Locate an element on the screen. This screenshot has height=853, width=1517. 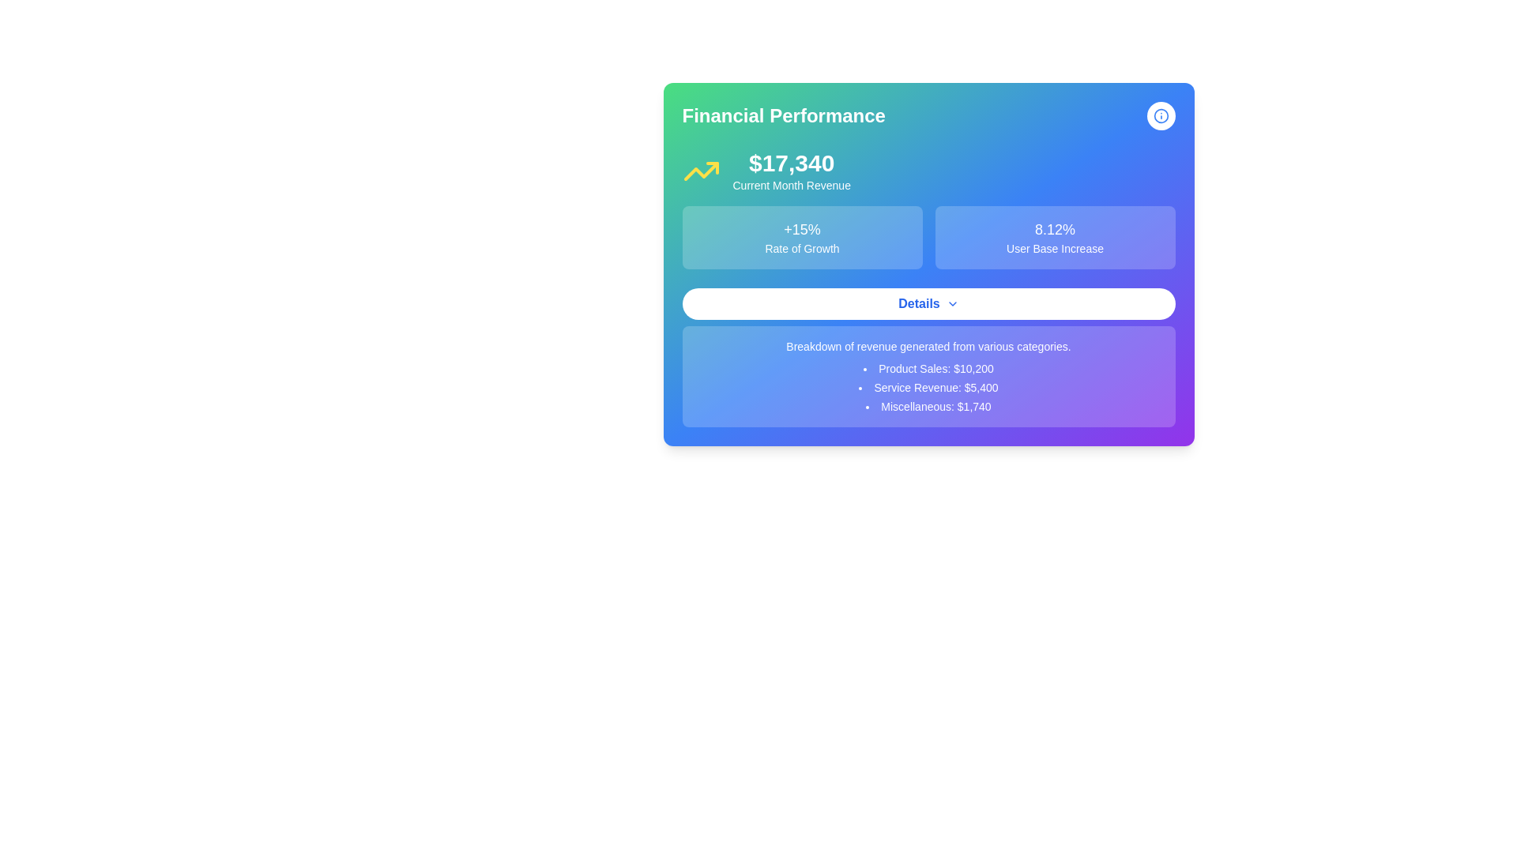
the descriptive label located below the numerical value '8.12%' within the card widget that has rounded corners and a light blue transparent background is located at coordinates (1055, 249).